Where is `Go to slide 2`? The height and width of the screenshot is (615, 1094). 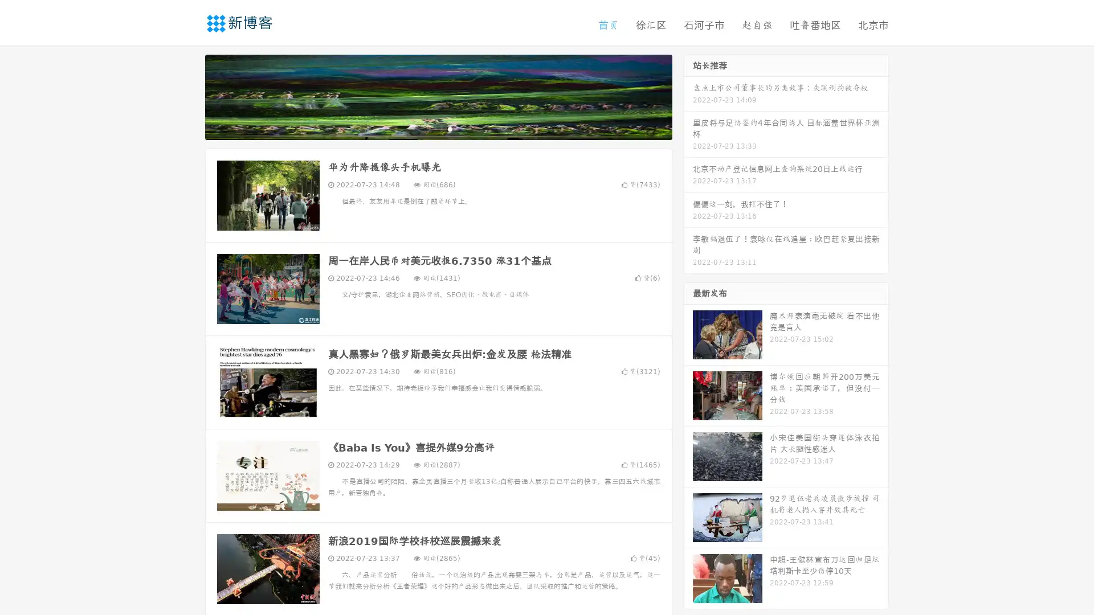
Go to slide 2 is located at coordinates (438, 128).